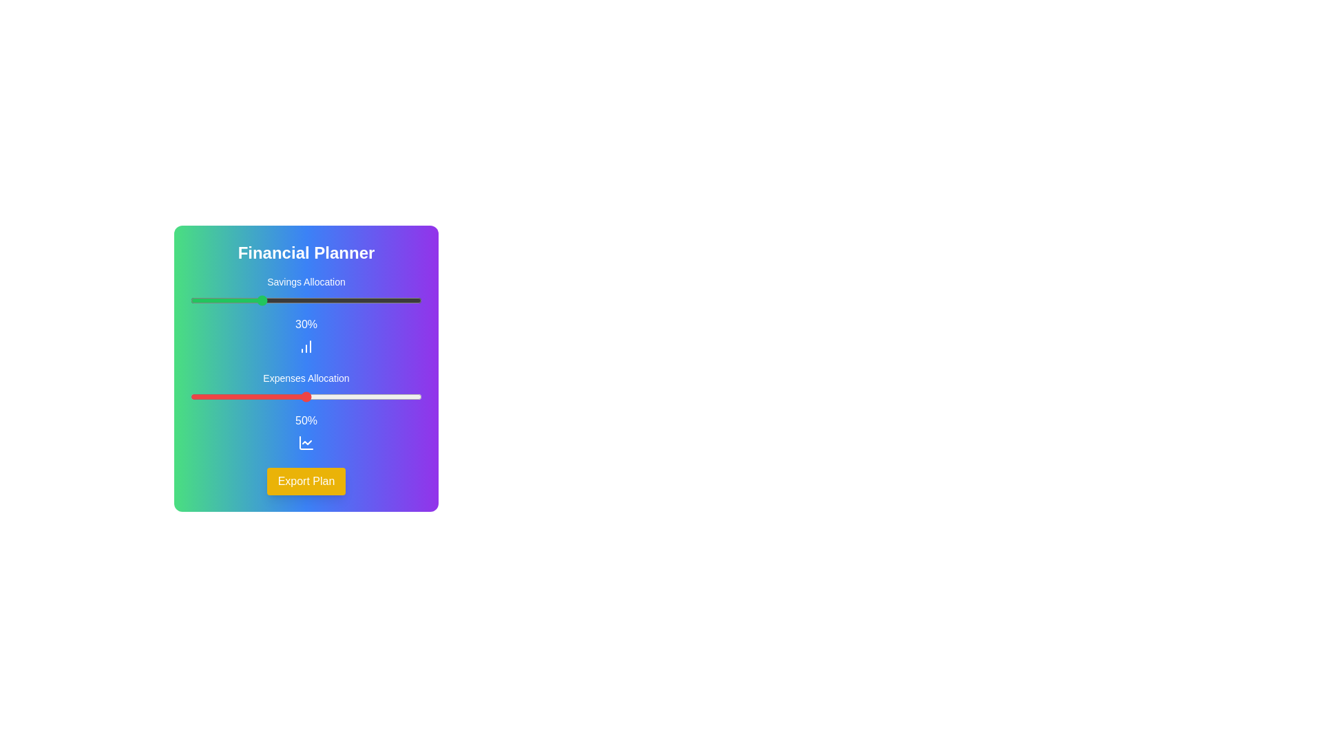 This screenshot has width=1322, height=743. Describe the element at coordinates (419, 397) in the screenshot. I see `the expenses allocation slider` at that location.